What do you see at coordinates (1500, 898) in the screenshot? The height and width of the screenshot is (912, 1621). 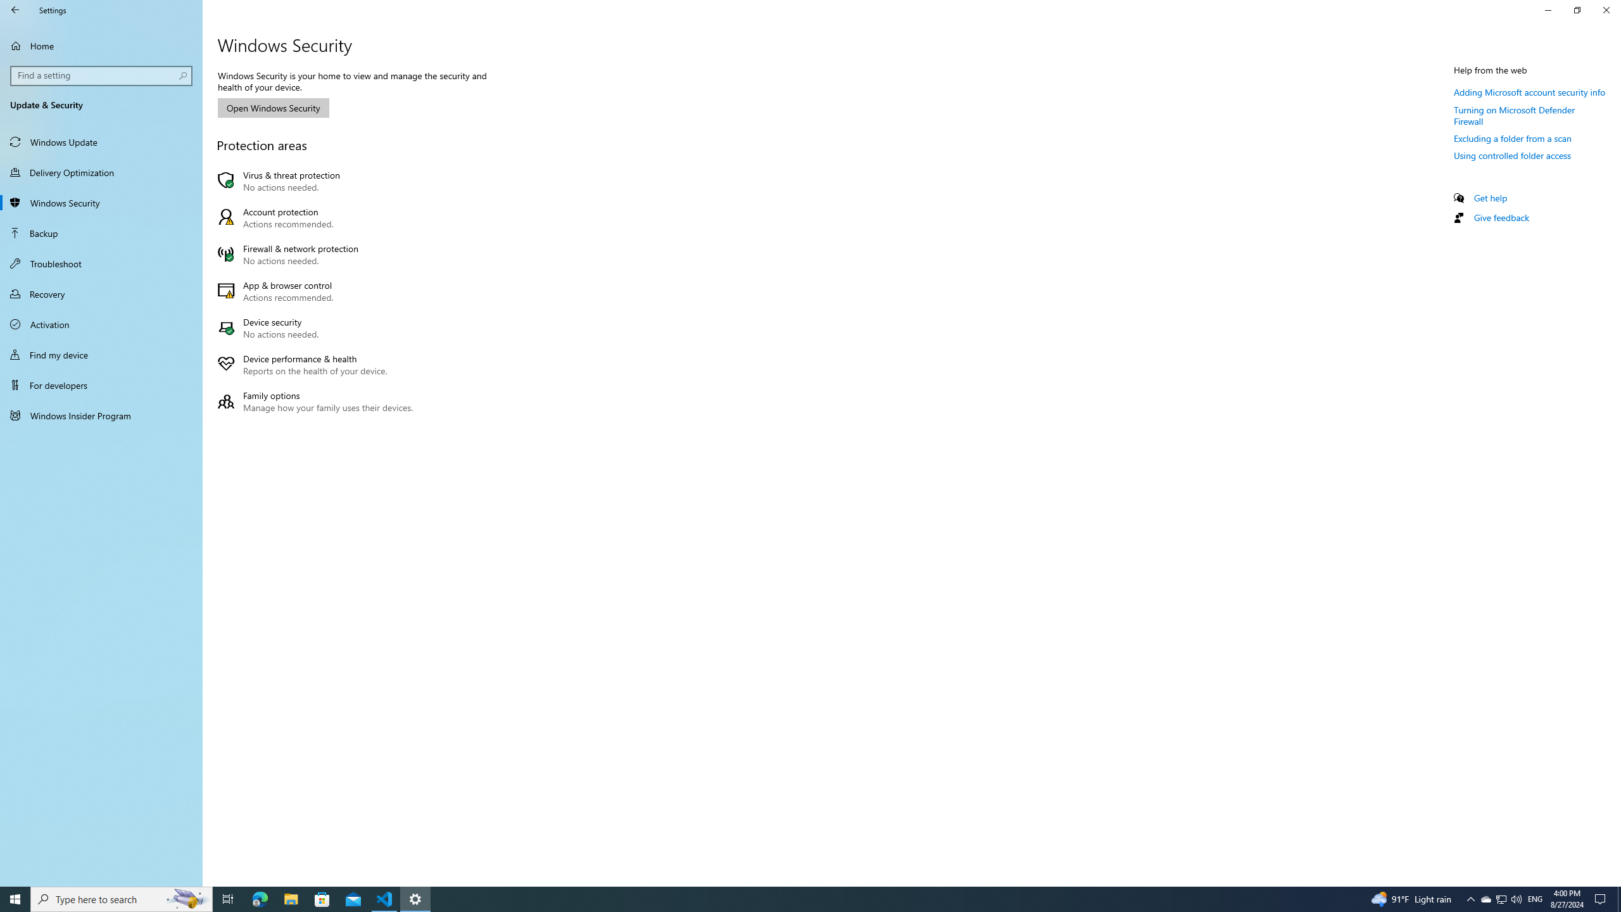 I see `'User Promoted Notification Area'` at bounding box center [1500, 898].